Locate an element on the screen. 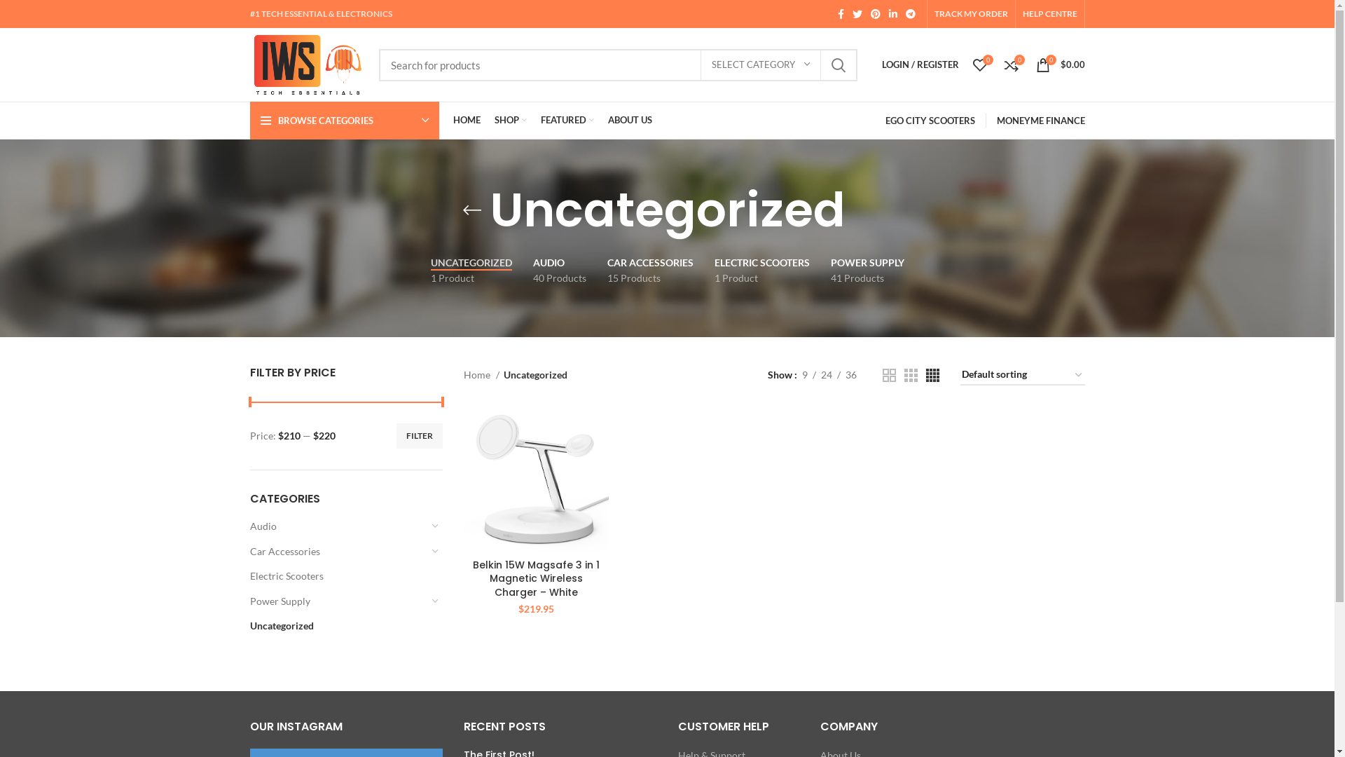 The height and width of the screenshot is (757, 1345). 'ELECTRIC SCOOTERS is located at coordinates (760, 271).